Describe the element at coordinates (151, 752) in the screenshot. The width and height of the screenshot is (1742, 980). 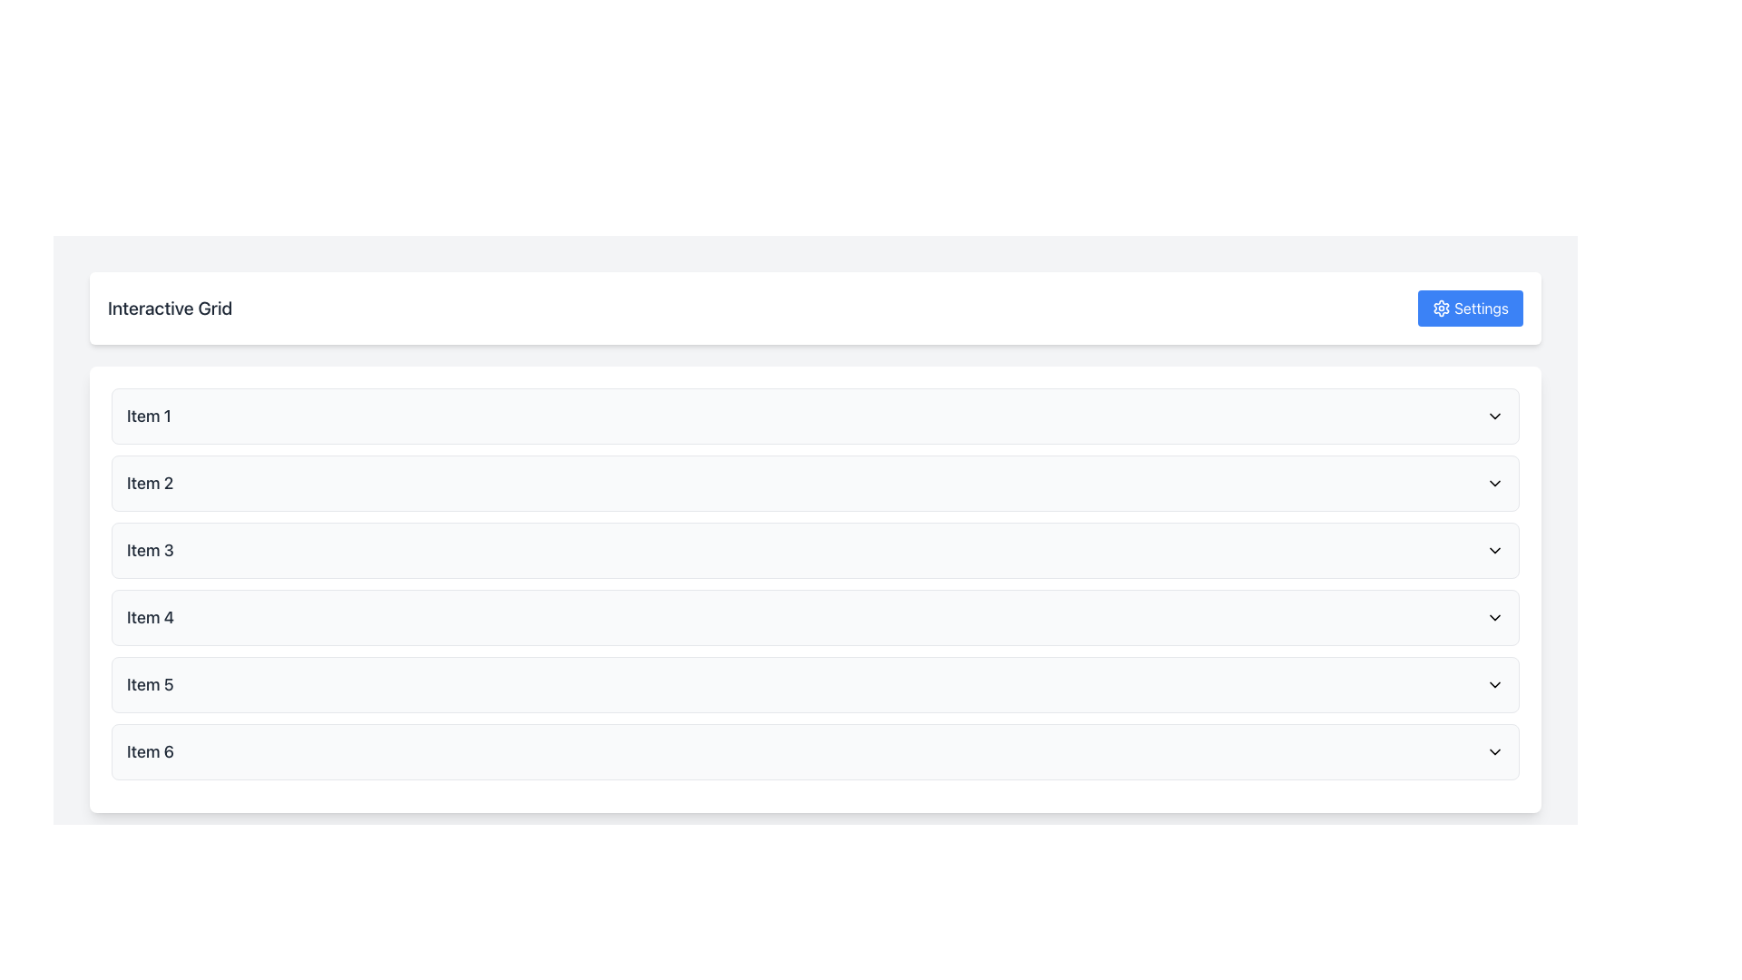
I see `text content of the sixth item label in the list, which is displayed as the left text component within a horizontal row next to a dropdown icon` at that location.